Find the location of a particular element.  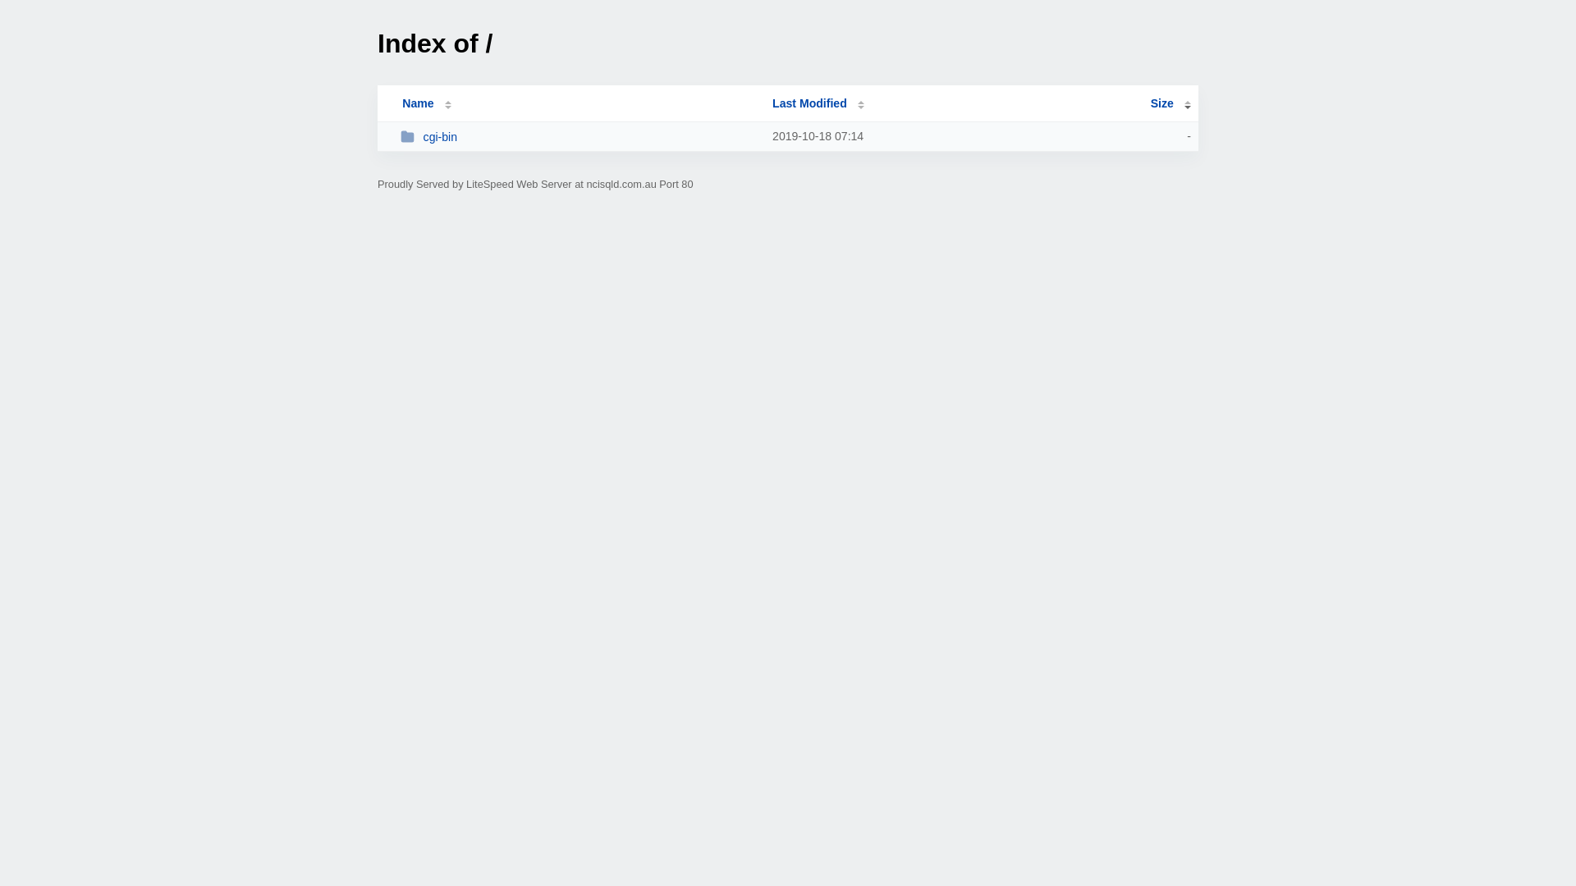

'Size' is located at coordinates (1170, 103).